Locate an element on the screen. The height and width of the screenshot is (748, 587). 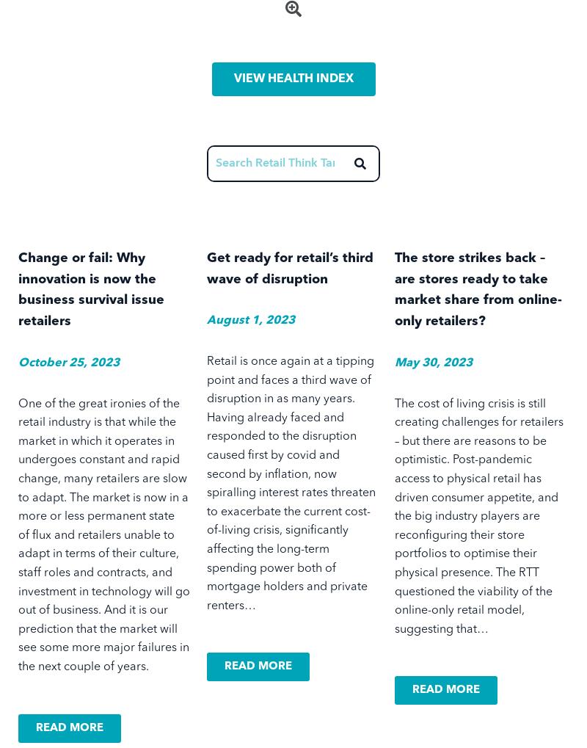
'and investment in technology will go out of business. And it is our prediction that the' is located at coordinates (104, 600).